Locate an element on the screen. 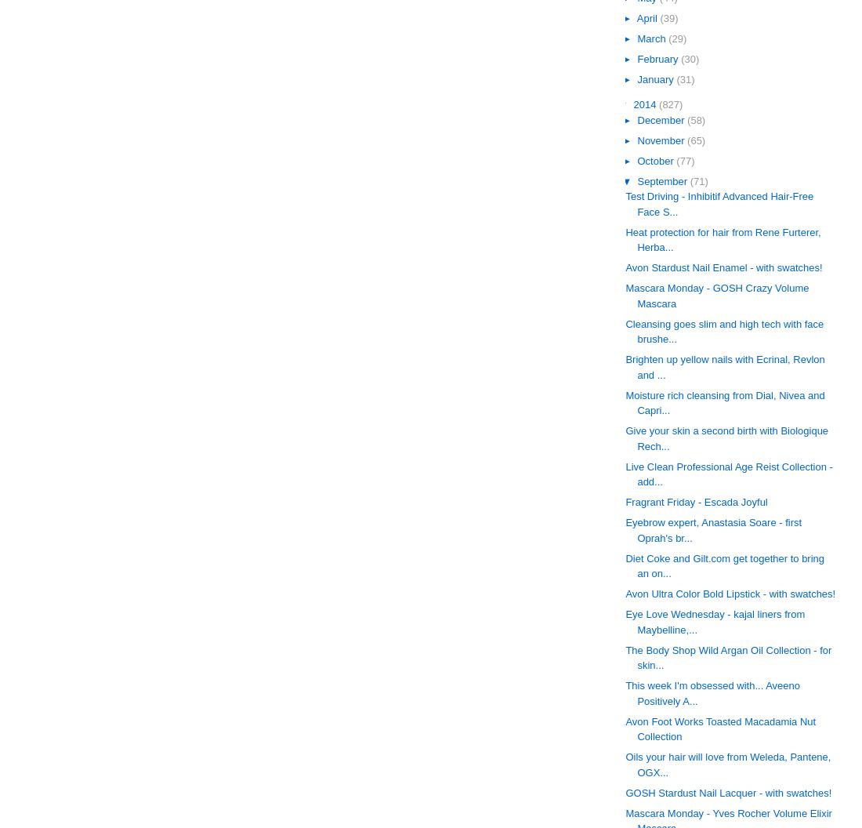 The height and width of the screenshot is (828, 862). '2014' is located at coordinates (632, 104).